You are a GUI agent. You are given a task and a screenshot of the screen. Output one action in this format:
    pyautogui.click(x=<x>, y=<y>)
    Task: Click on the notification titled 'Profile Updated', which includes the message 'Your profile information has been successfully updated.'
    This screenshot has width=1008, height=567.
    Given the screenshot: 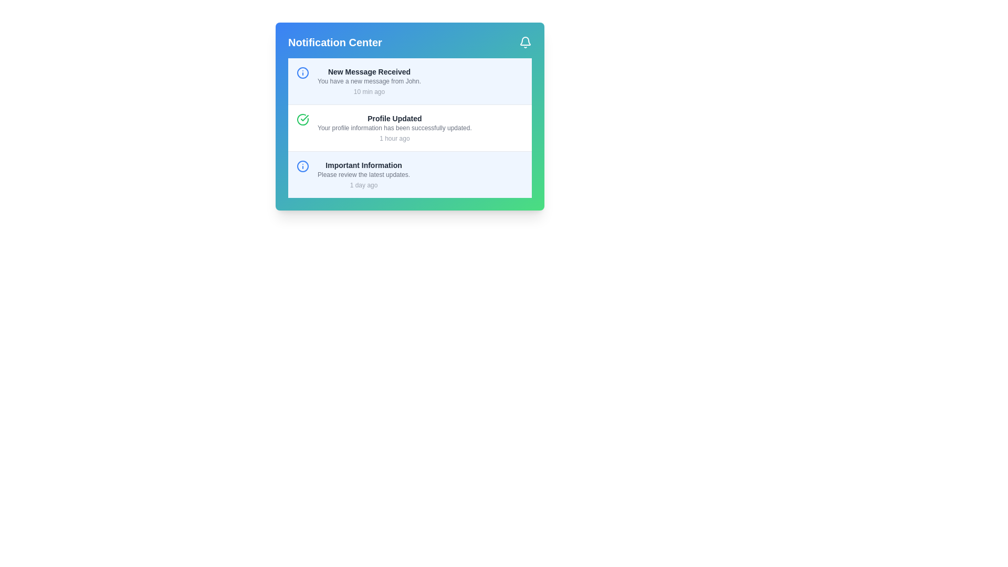 What is the action you would take?
    pyautogui.click(x=394, y=127)
    